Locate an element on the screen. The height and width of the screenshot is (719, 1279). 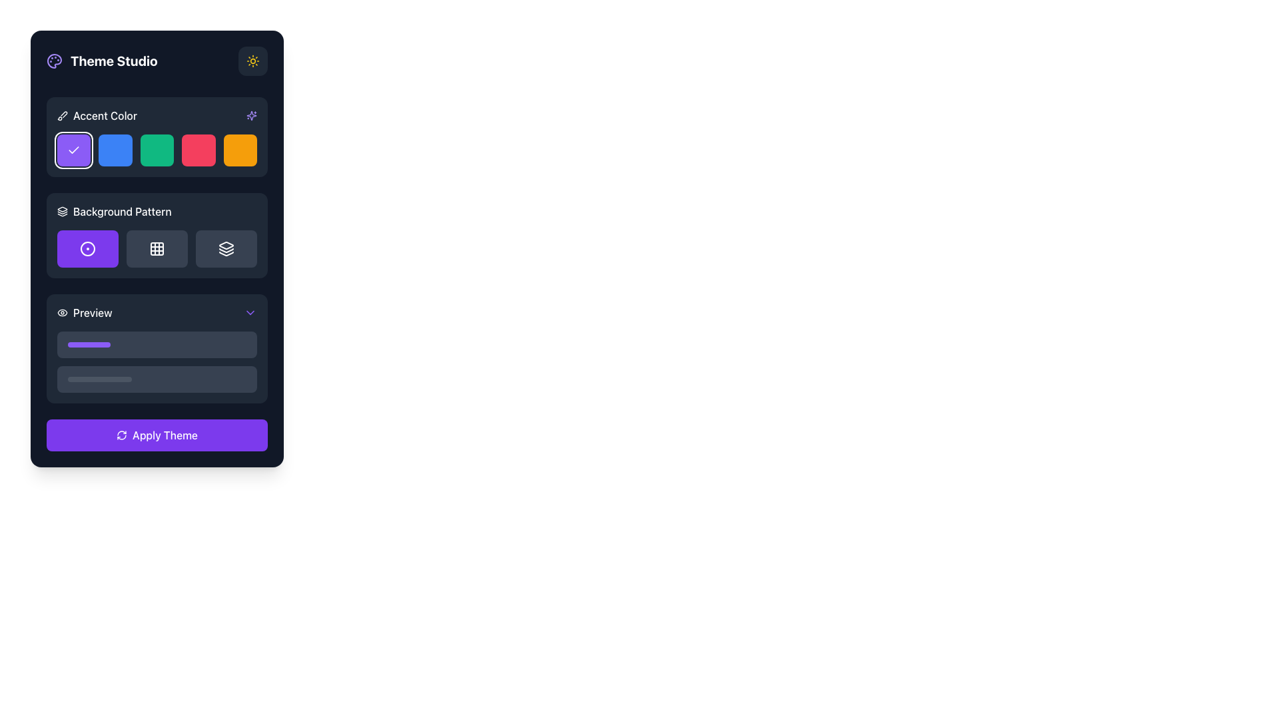
bold text element labeled 'Theme Studio', which is styled in white on a dark background, located at the top-left area of the interface is located at coordinates (114, 61).